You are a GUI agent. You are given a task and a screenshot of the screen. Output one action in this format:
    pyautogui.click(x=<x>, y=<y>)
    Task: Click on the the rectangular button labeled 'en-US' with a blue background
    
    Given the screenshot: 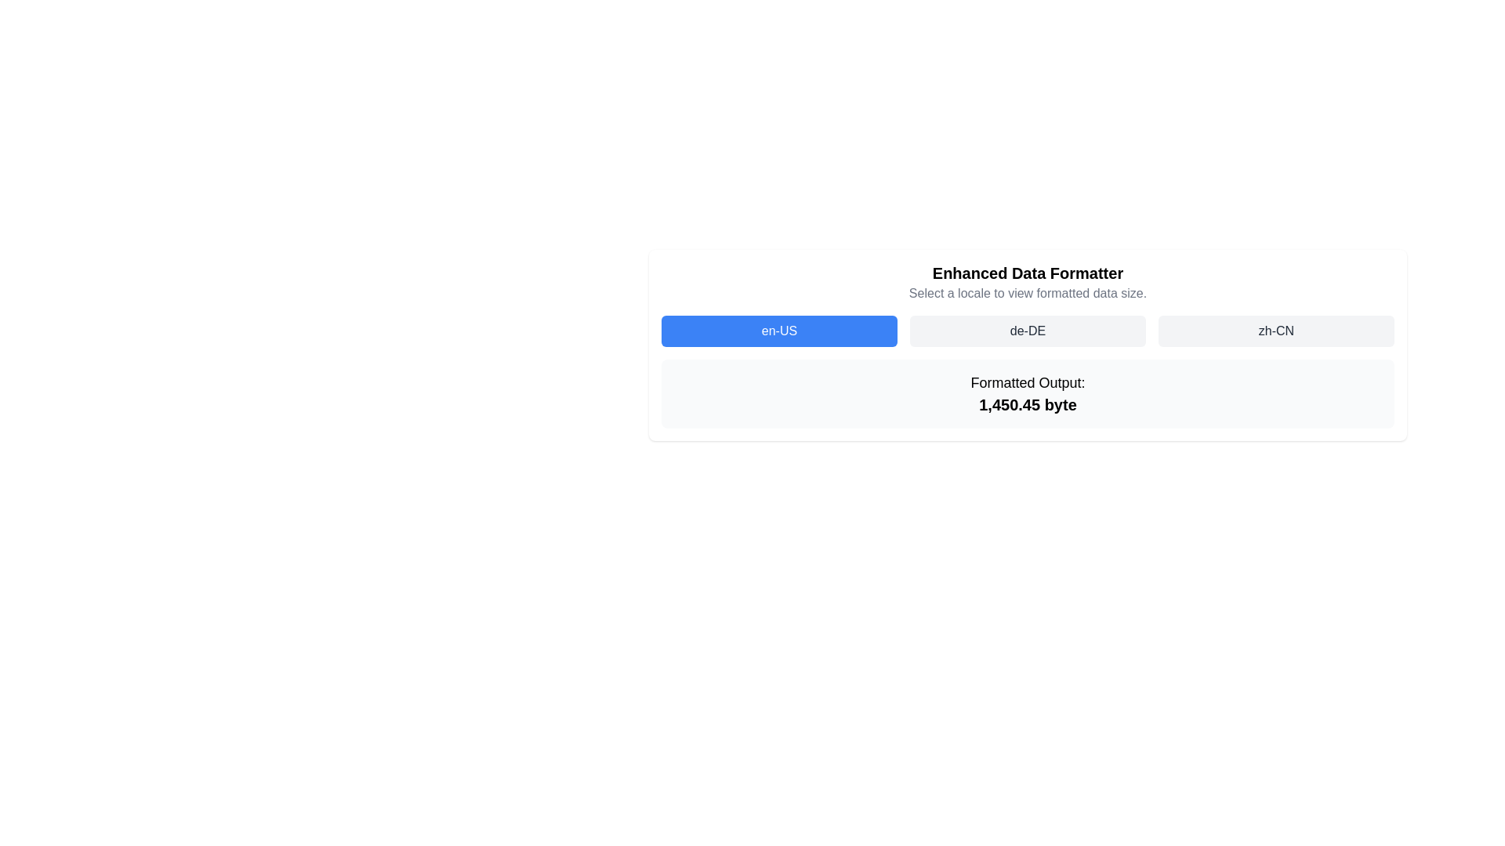 What is the action you would take?
    pyautogui.click(x=779, y=331)
    